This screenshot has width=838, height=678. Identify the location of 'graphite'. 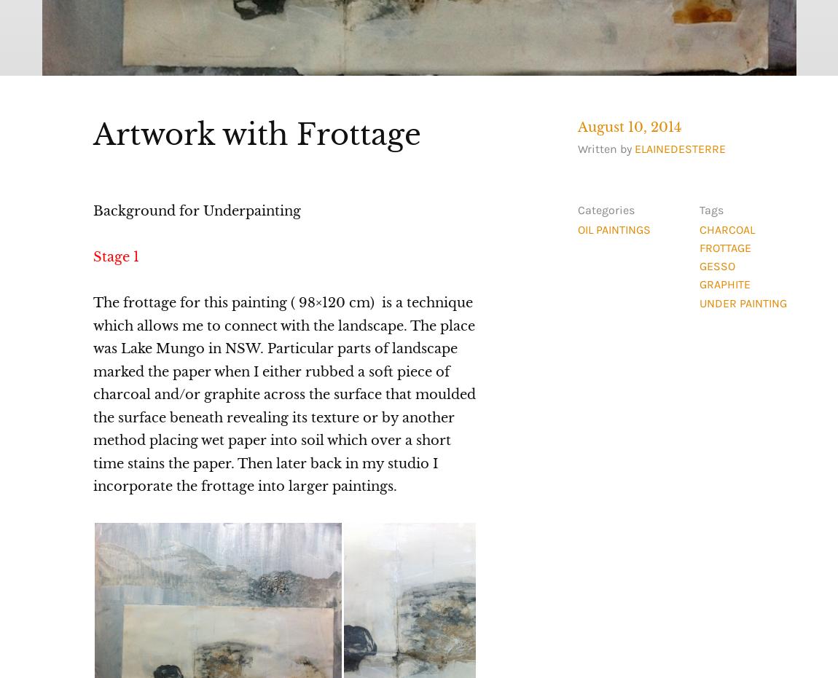
(724, 284).